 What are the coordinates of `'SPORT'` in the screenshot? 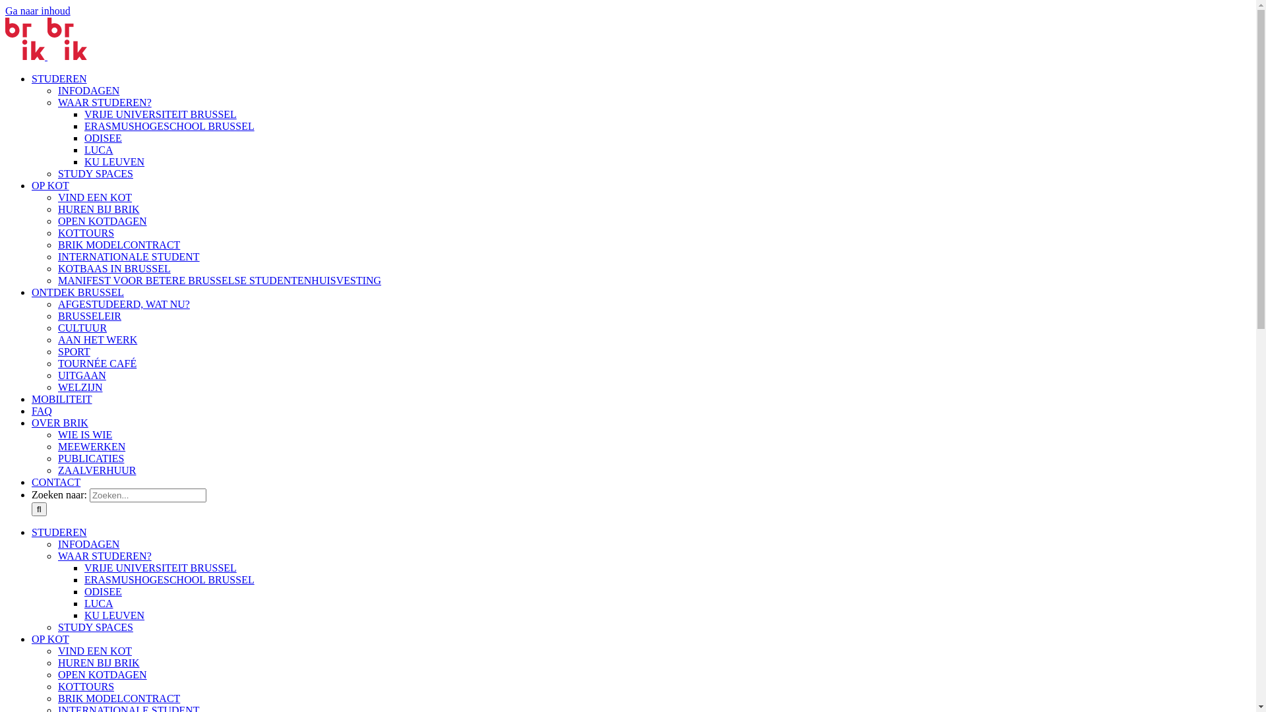 It's located at (73, 351).